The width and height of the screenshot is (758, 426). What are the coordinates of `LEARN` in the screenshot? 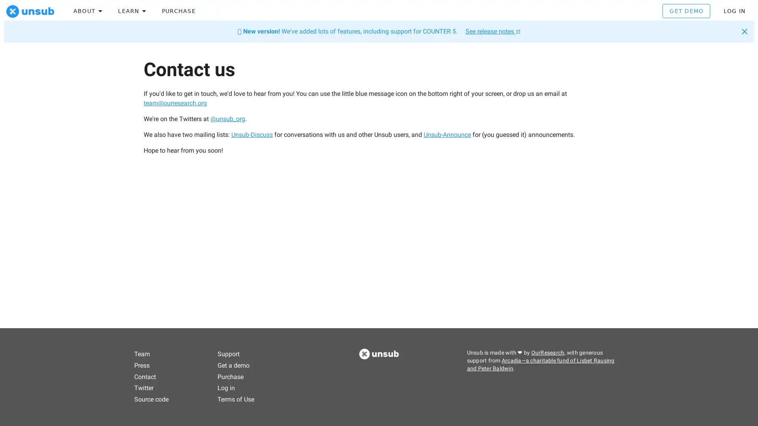 It's located at (131, 12).